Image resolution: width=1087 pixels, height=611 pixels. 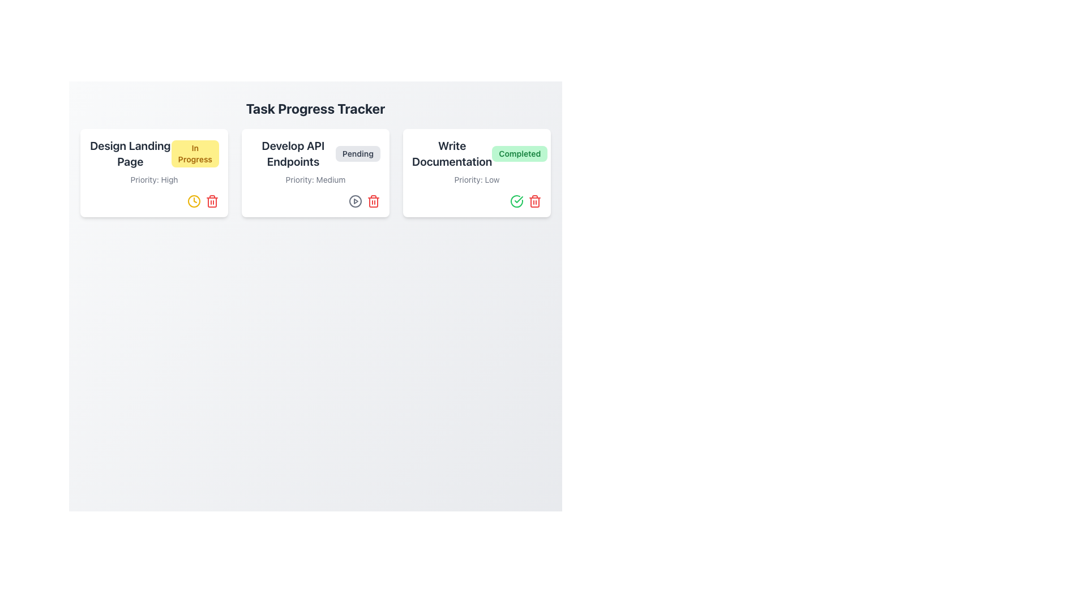 What do you see at coordinates (194, 200) in the screenshot?
I see `the clock icon located at the bottom-right corner of the 'Design Landing Page' card in the 'Task Progress Tracker' section` at bounding box center [194, 200].